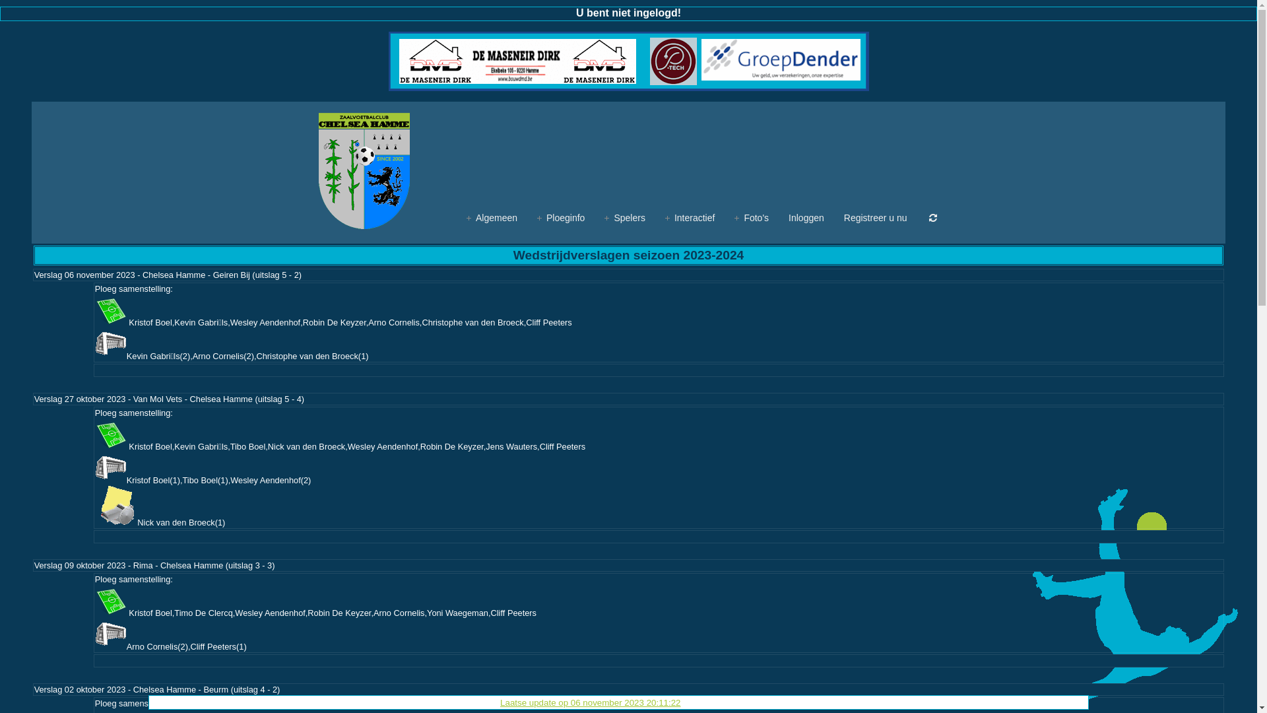  I want to click on 'Laatse update op 06 november 2023 20:11:22', so click(589, 702).